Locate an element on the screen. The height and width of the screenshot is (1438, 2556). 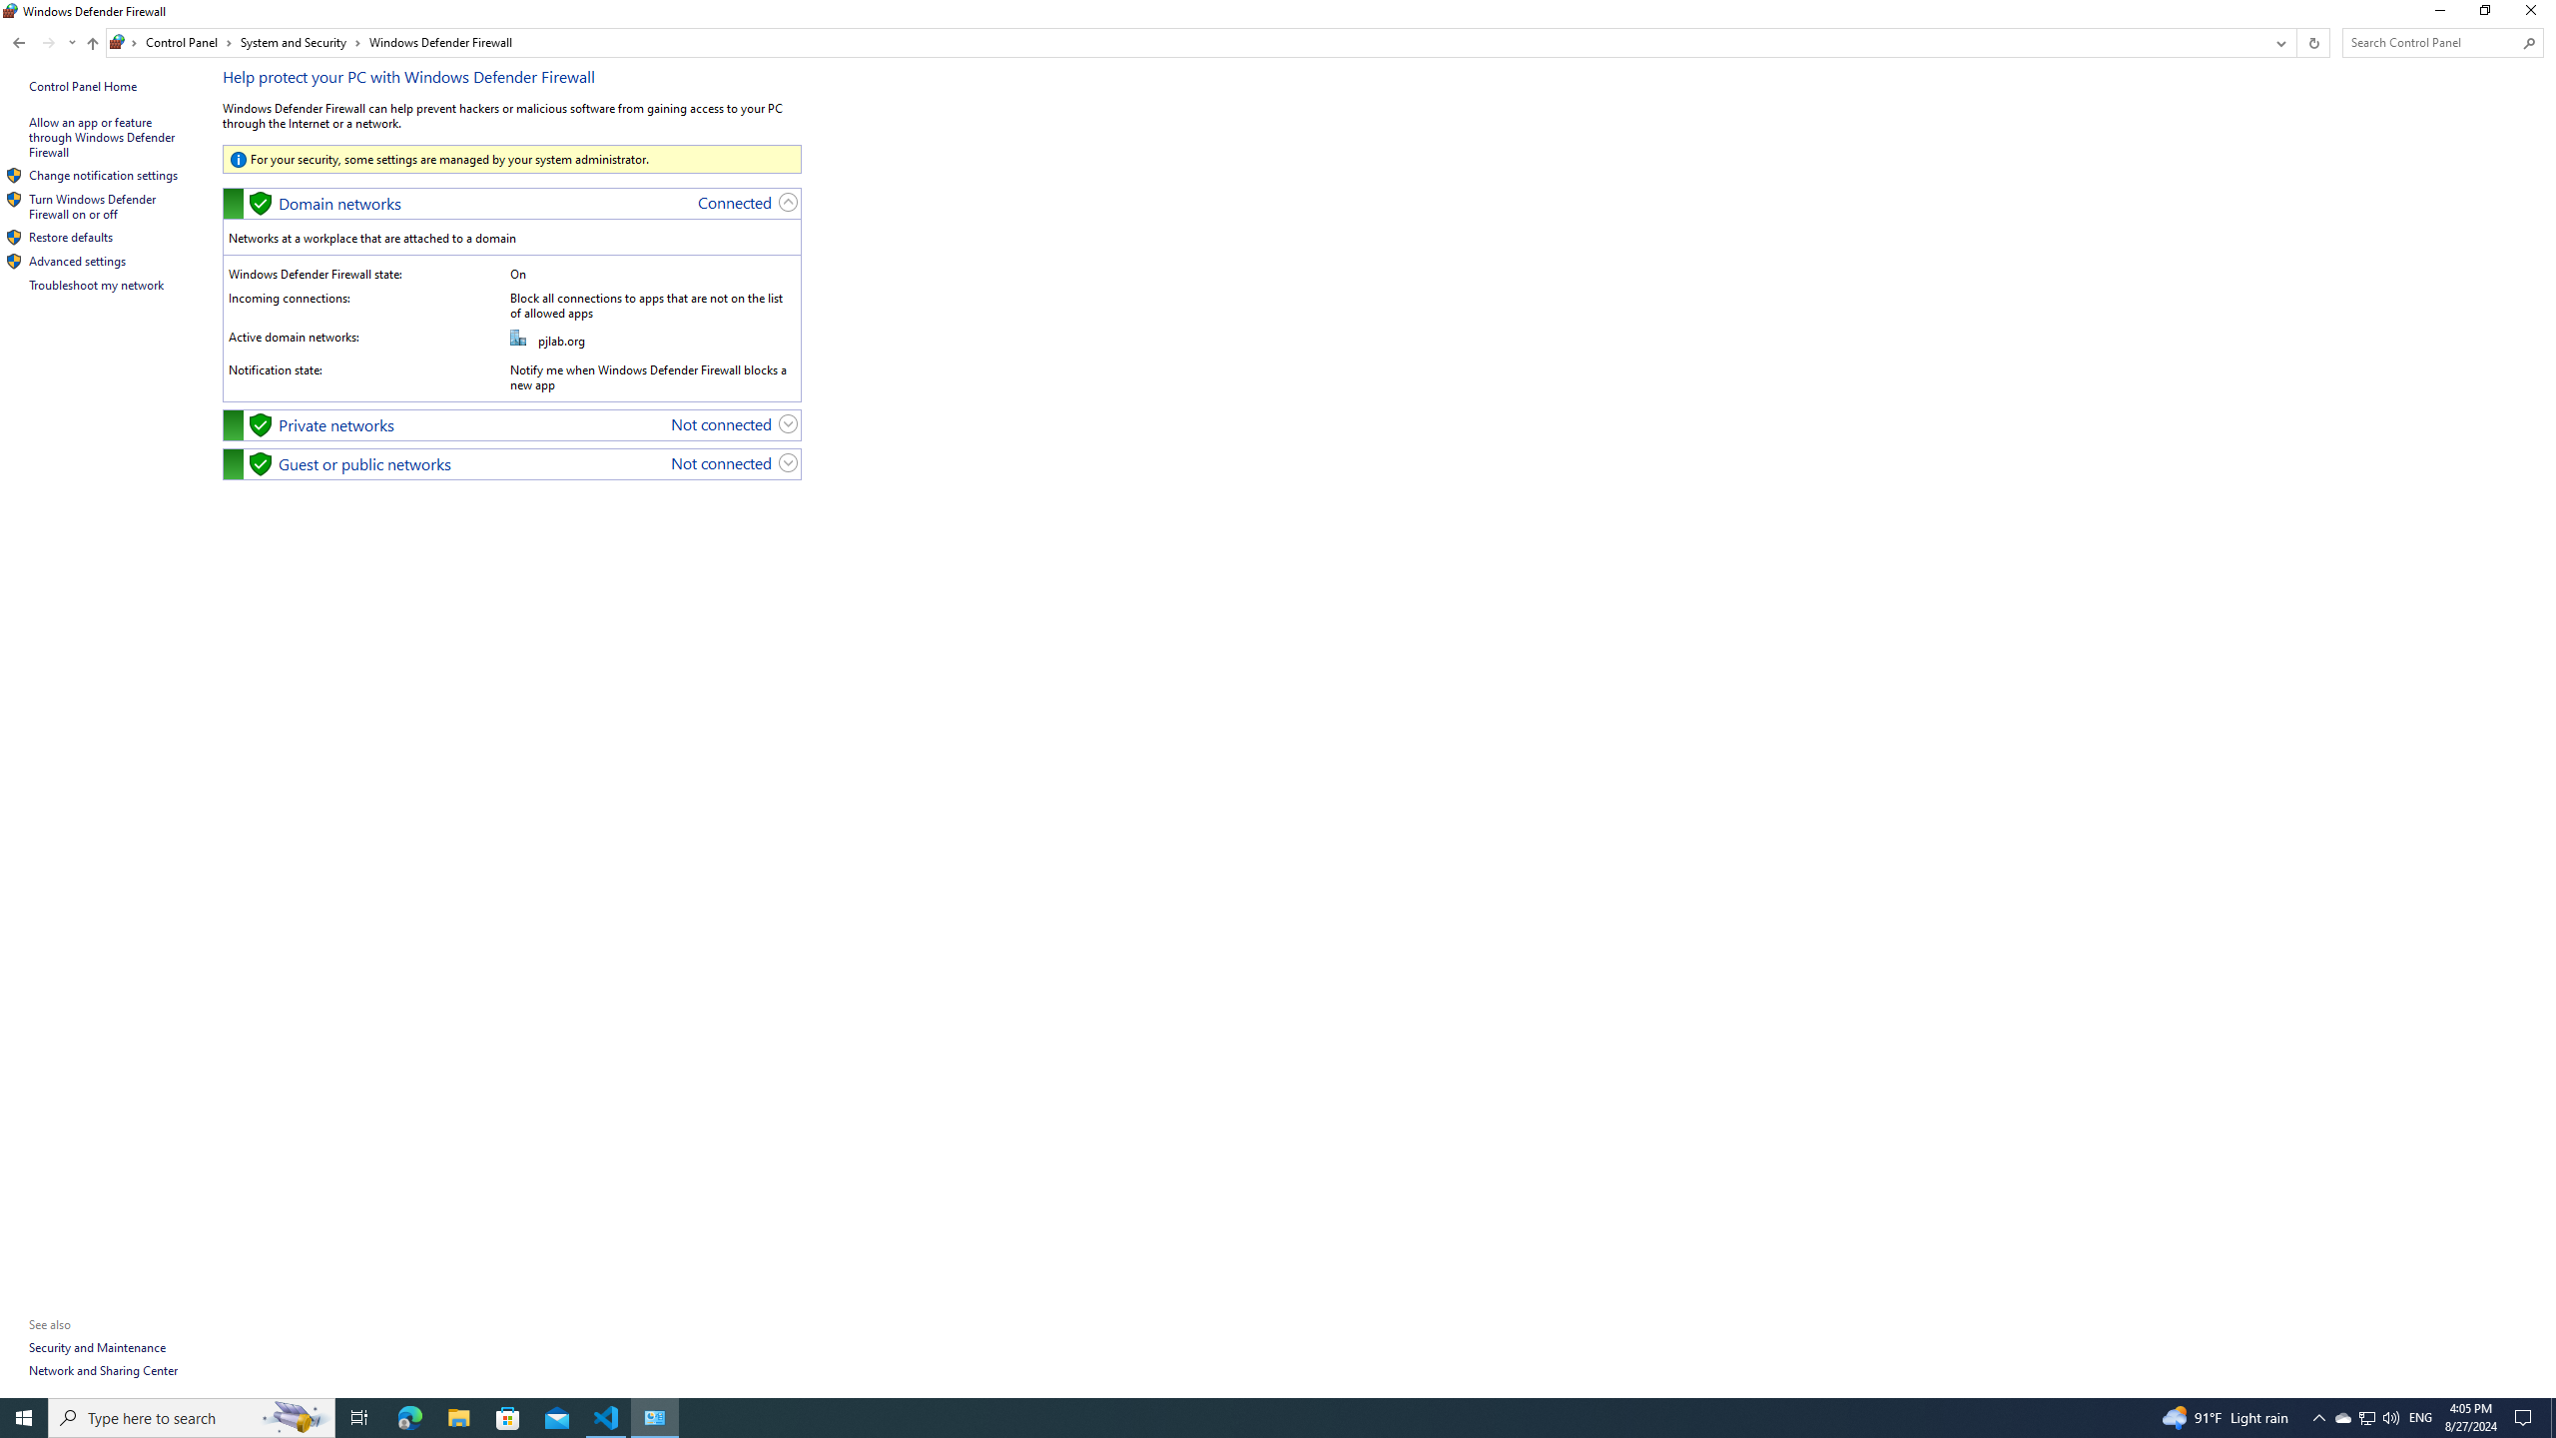
'Connected' is located at coordinates (734, 202).